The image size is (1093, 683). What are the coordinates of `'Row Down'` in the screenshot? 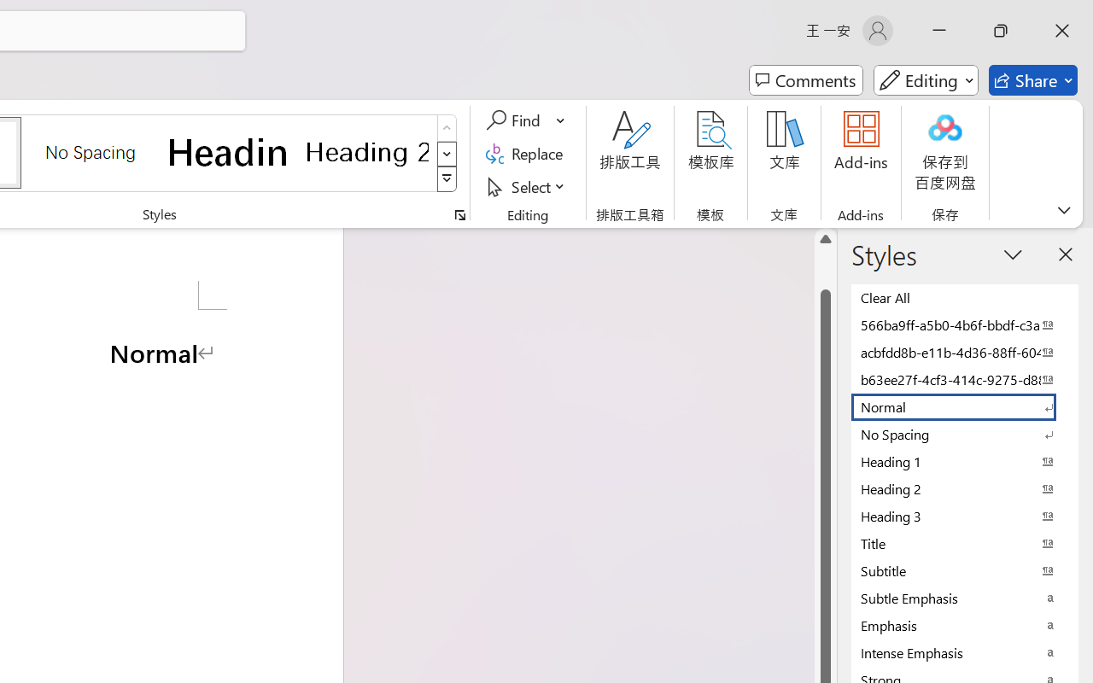 It's located at (447, 153).